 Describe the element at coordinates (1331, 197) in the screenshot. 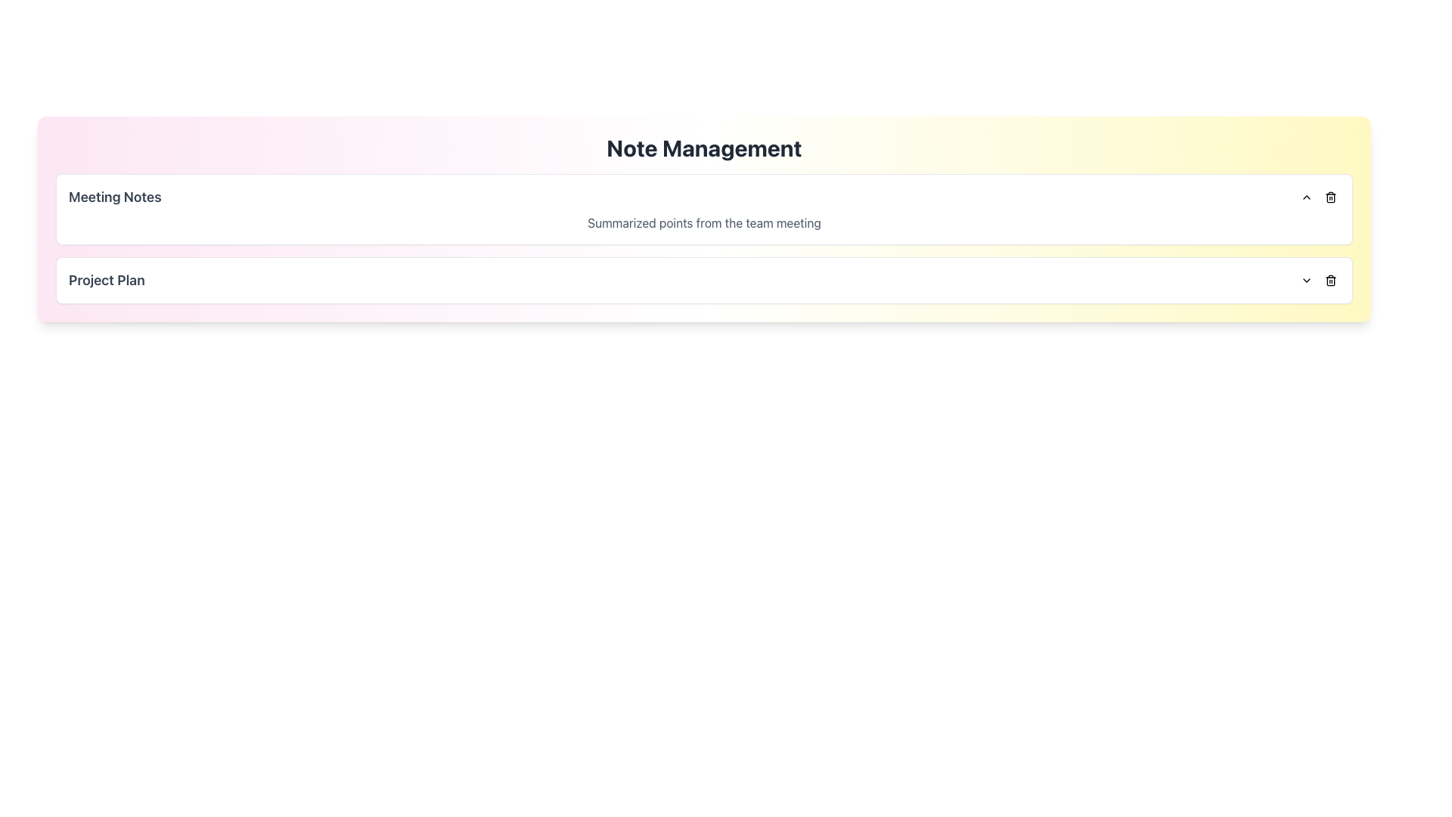

I see `the trash bin icon located to the right of the 'Meeting Notes' section` at that location.